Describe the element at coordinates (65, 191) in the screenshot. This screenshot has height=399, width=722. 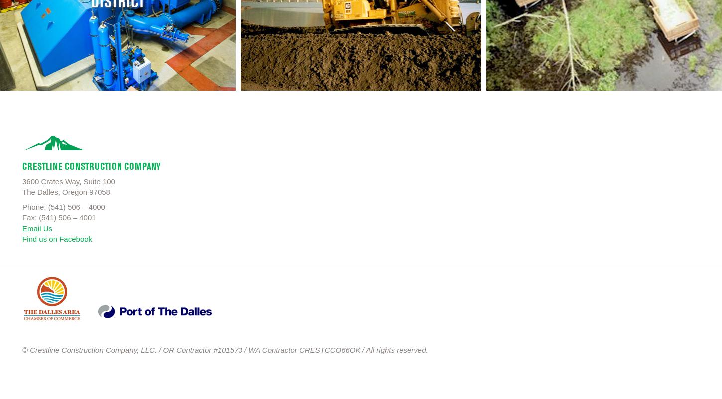
I see `'The Dalles, Oregon 97058'` at that location.